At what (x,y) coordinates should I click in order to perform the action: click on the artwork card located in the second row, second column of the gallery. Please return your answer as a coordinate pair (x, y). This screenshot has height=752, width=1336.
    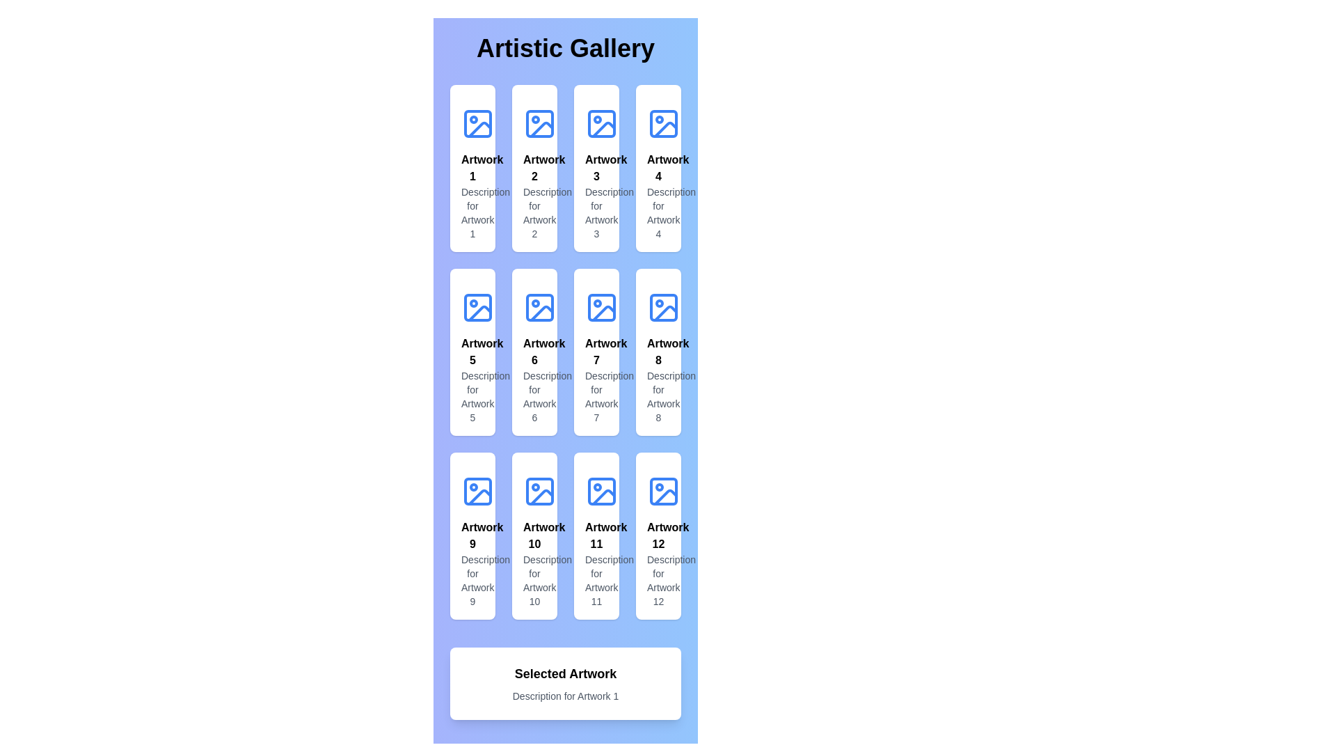
    Looking at the image, I should click on (534, 351).